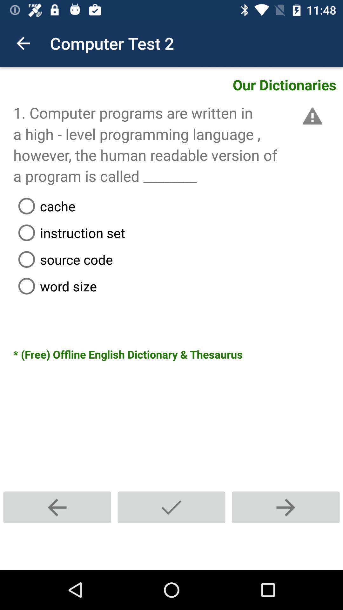  I want to click on icon at the bottom left corner, so click(57, 507).